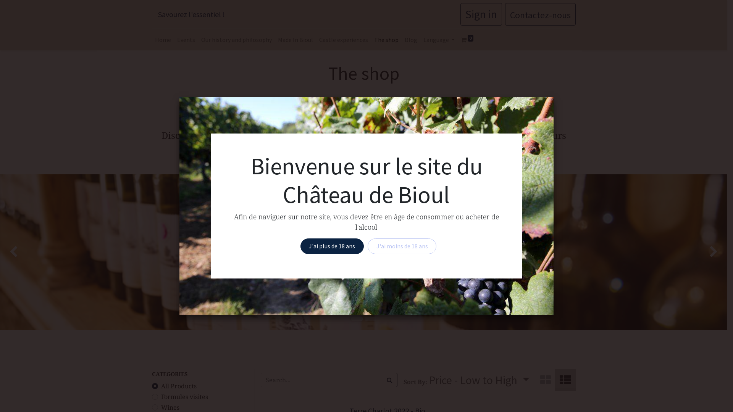 The image size is (733, 412). Describe the element at coordinates (163, 40) in the screenshot. I see `'Home'` at that location.